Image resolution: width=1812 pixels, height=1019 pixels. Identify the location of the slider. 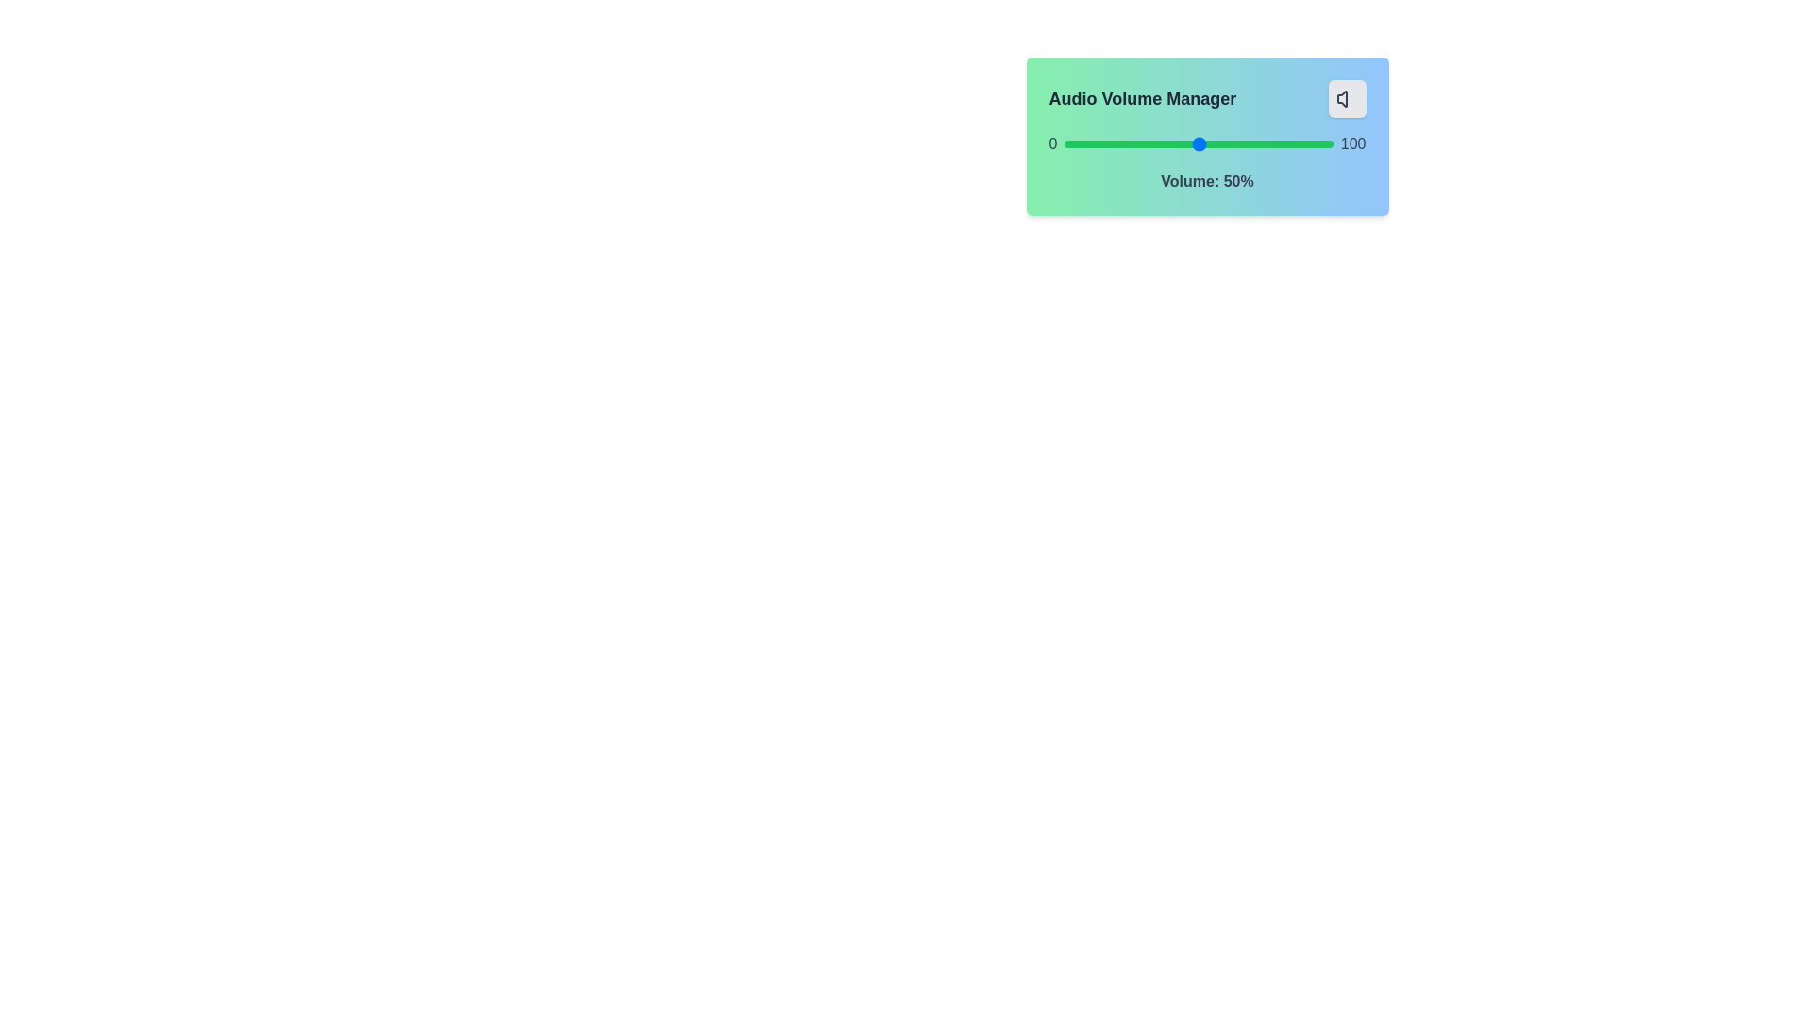
(1123, 143).